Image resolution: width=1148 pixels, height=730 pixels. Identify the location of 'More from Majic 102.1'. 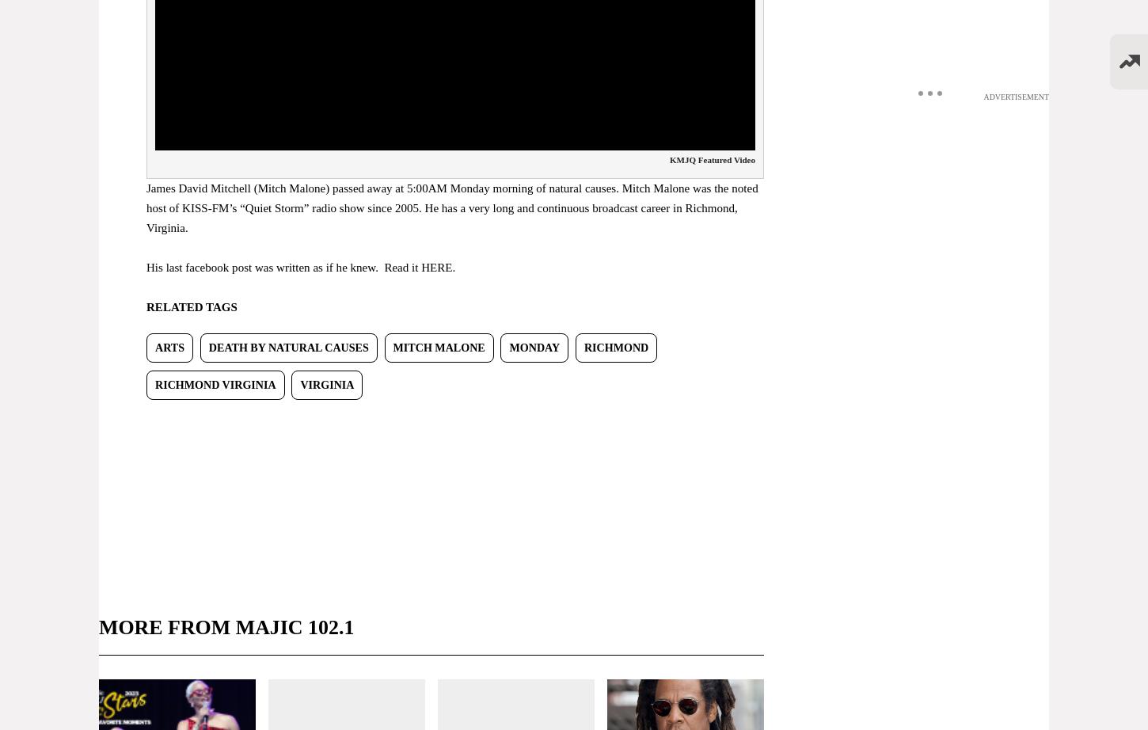
(226, 625).